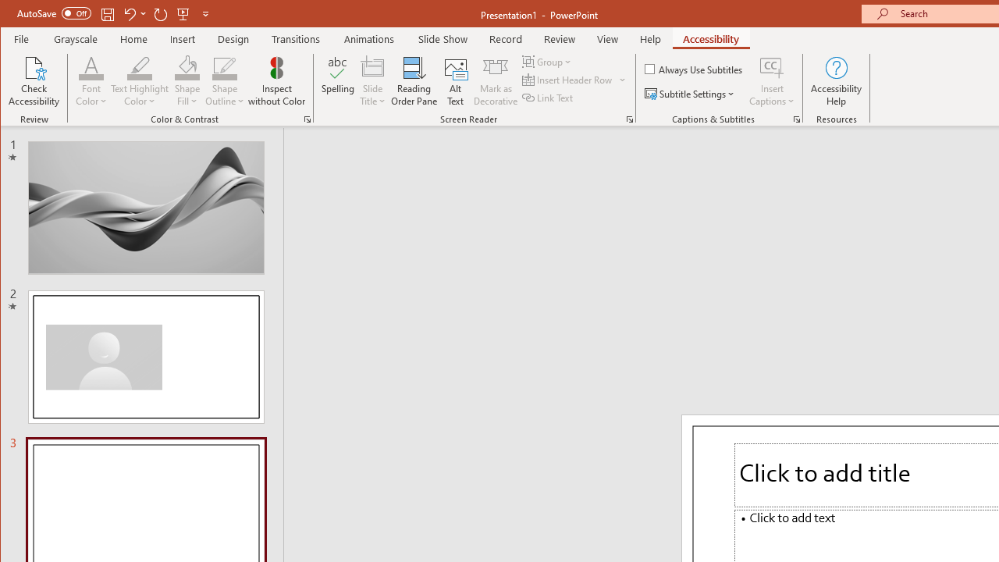 The image size is (999, 562). Describe the element at coordinates (772, 66) in the screenshot. I see `'Insert Captions'` at that location.